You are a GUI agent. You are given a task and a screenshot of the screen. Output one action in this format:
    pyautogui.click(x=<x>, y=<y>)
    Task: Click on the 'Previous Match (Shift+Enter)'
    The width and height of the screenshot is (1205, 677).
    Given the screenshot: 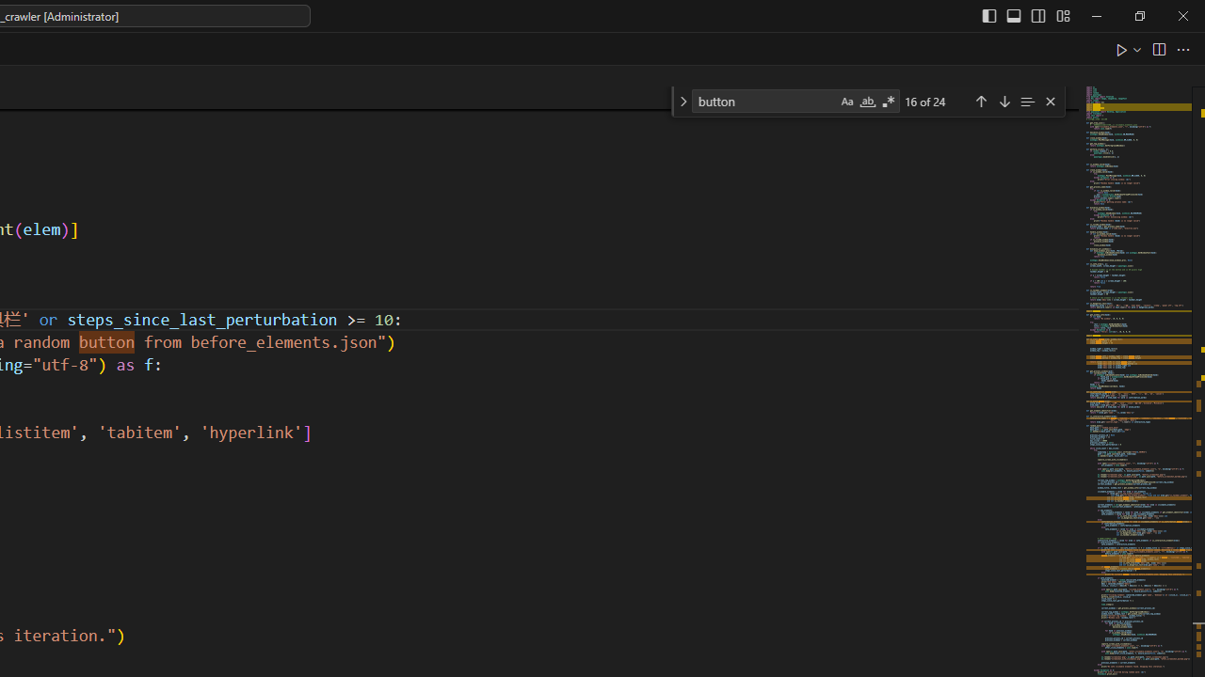 What is the action you would take?
    pyautogui.click(x=979, y=101)
    